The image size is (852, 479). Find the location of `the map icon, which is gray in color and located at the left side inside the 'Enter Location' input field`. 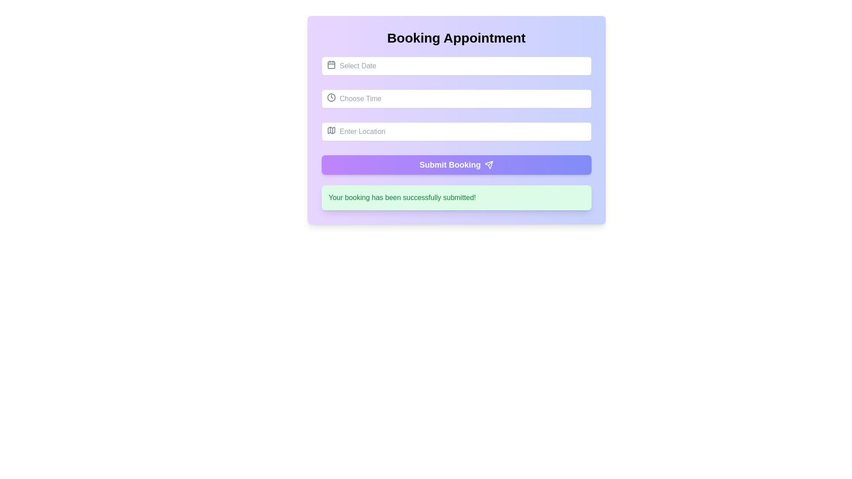

the map icon, which is gray in color and located at the left side inside the 'Enter Location' input field is located at coordinates (331, 130).